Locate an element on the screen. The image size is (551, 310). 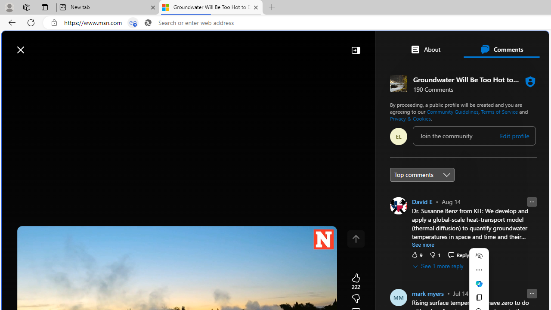
'Privacy & Cookies' is located at coordinates (409, 118).